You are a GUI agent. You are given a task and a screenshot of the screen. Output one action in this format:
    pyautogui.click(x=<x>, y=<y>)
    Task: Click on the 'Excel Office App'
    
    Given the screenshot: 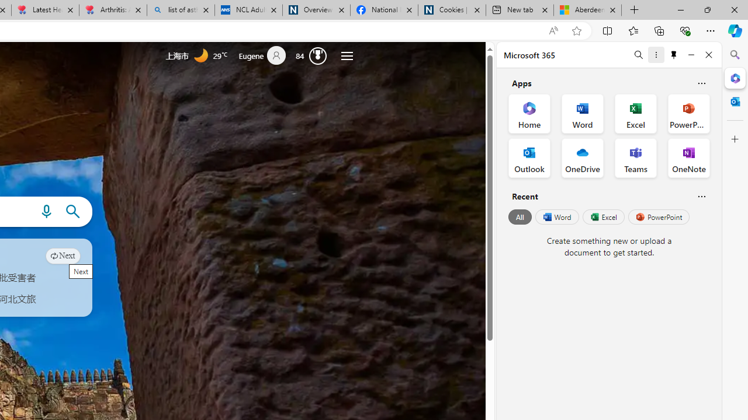 What is the action you would take?
    pyautogui.click(x=635, y=114)
    